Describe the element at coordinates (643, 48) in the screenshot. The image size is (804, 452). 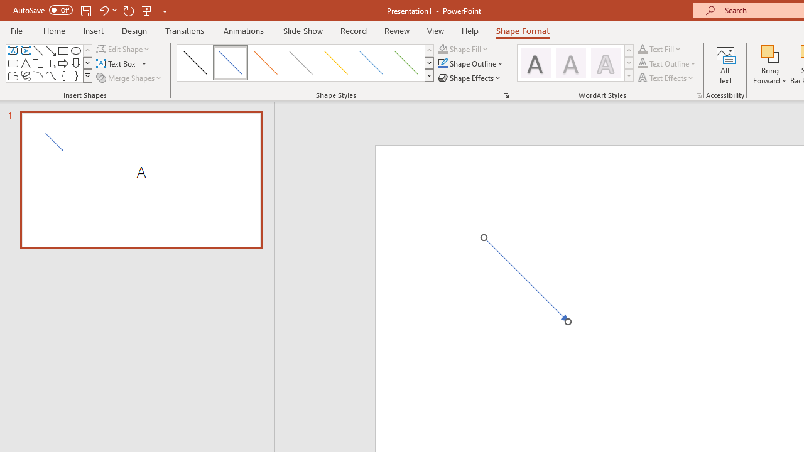
I see `'Text Fill'` at that location.